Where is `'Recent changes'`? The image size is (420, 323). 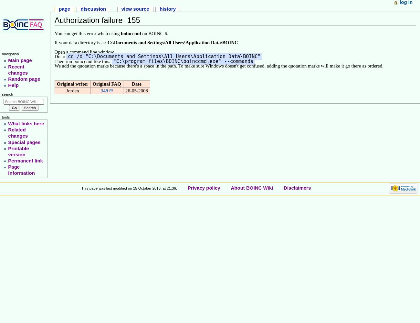
'Recent changes' is located at coordinates (18, 69).